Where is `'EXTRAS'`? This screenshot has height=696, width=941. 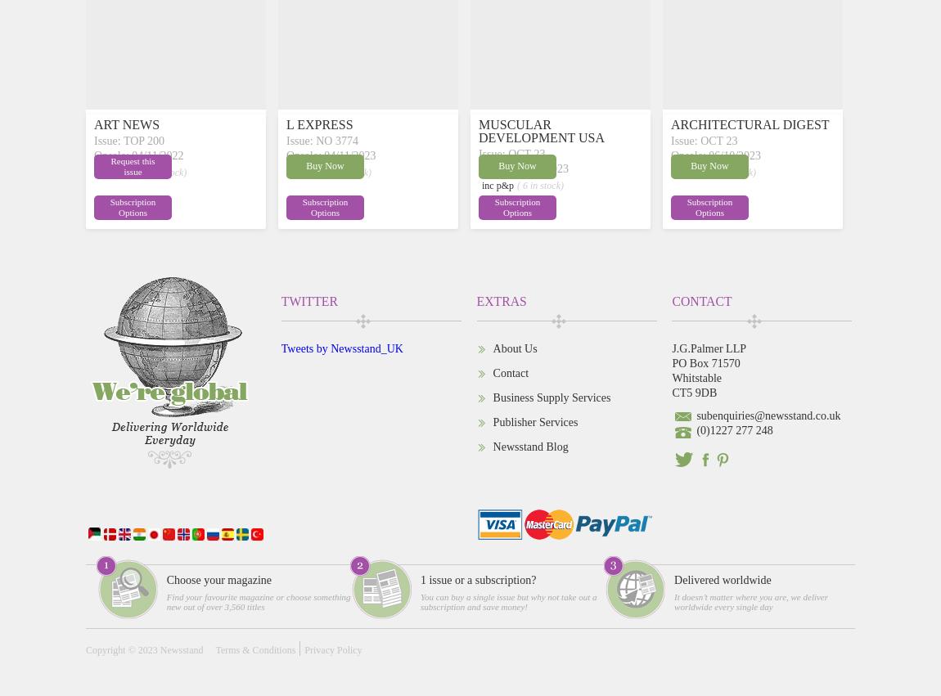
'EXTRAS' is located at coordinates (500, 300).